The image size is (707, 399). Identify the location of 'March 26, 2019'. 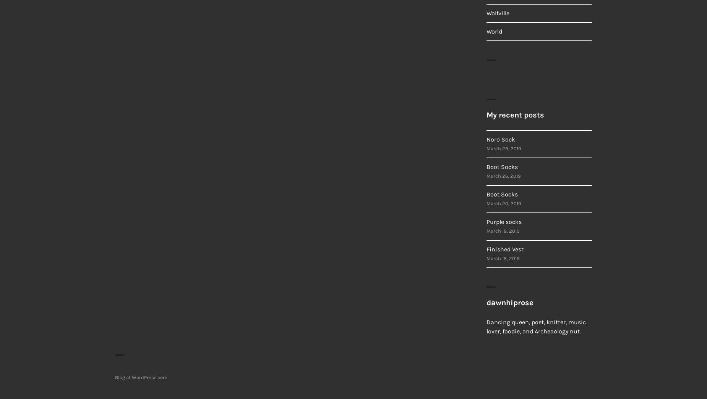
(503, 175).